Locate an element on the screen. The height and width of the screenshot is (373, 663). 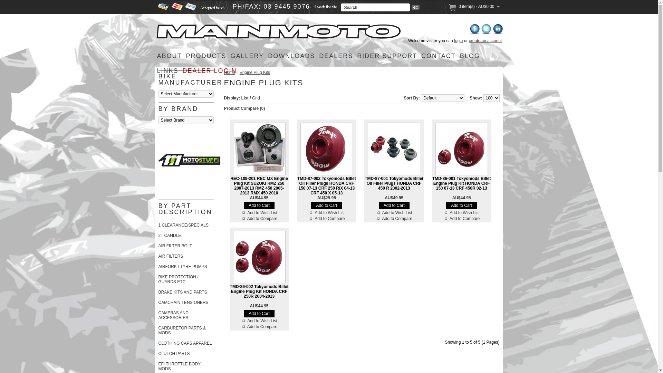
'0 item(s) - AU$0.00' is located at coordinates (479, 7).